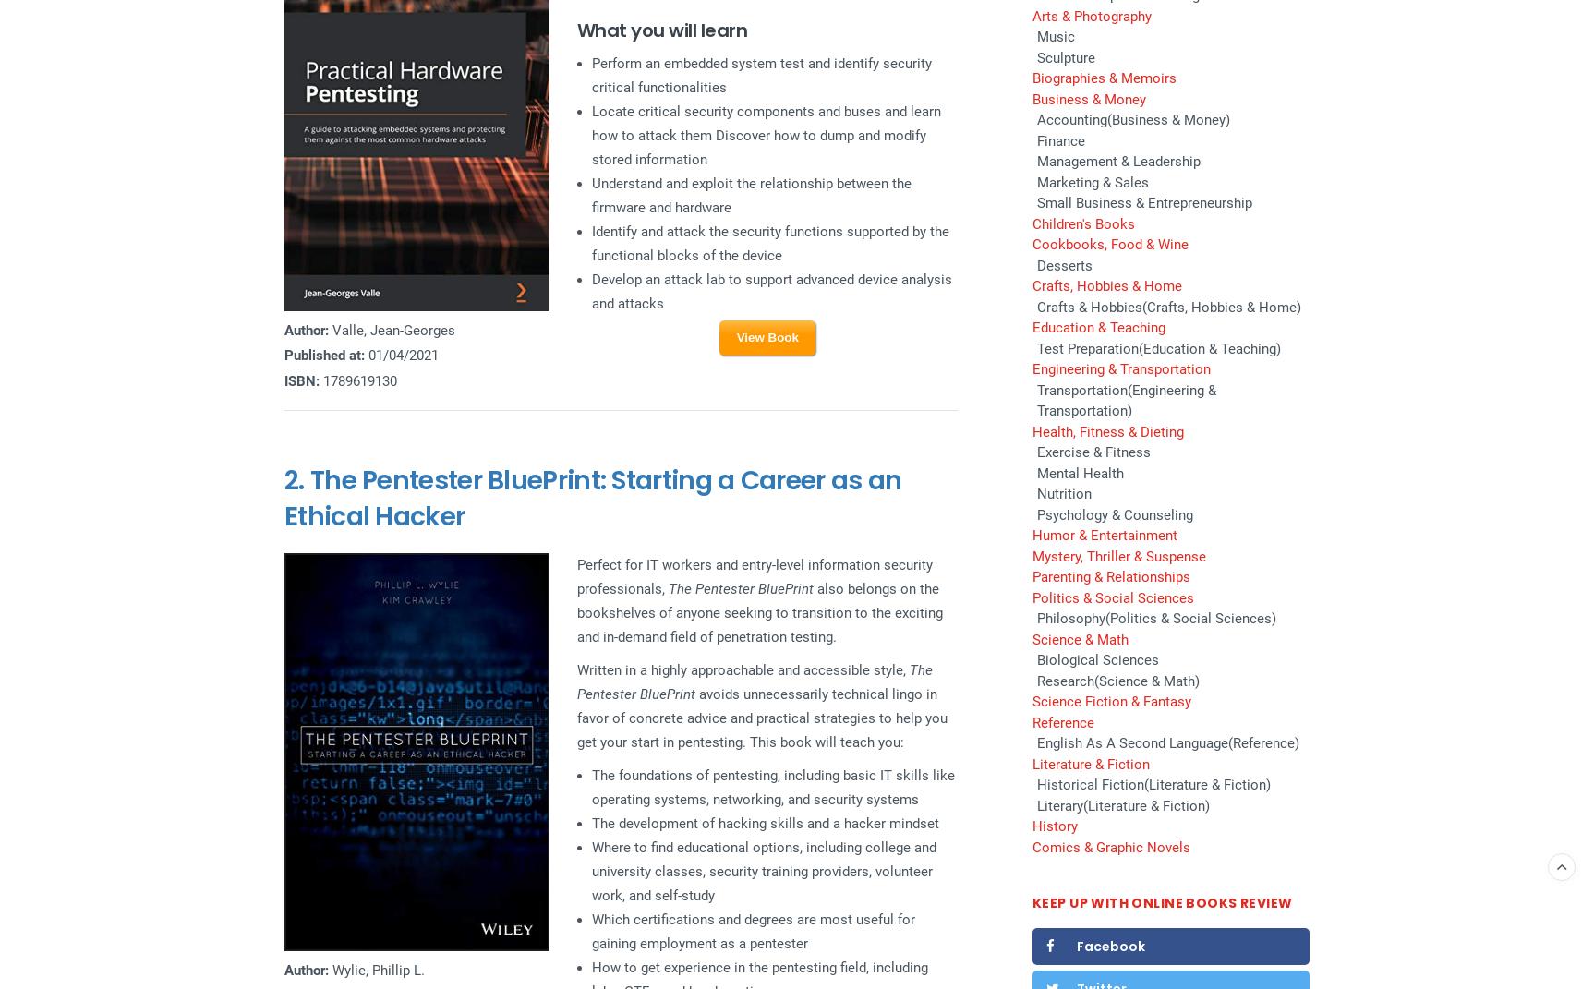 The width and height of the screenshot is (1594, 989). Describe the element at coordinates (358, 380) in the screenshot. I see `'1789619130'` at that location.